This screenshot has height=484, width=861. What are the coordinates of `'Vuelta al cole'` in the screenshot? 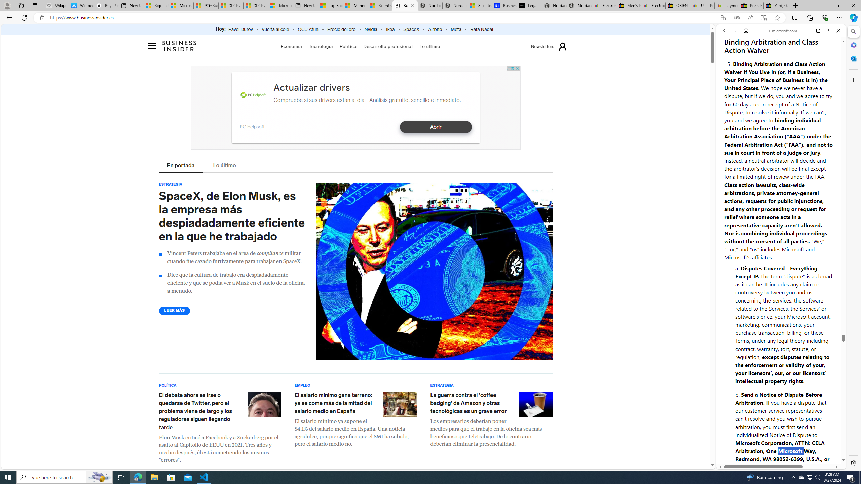 It's located at (274, 29).